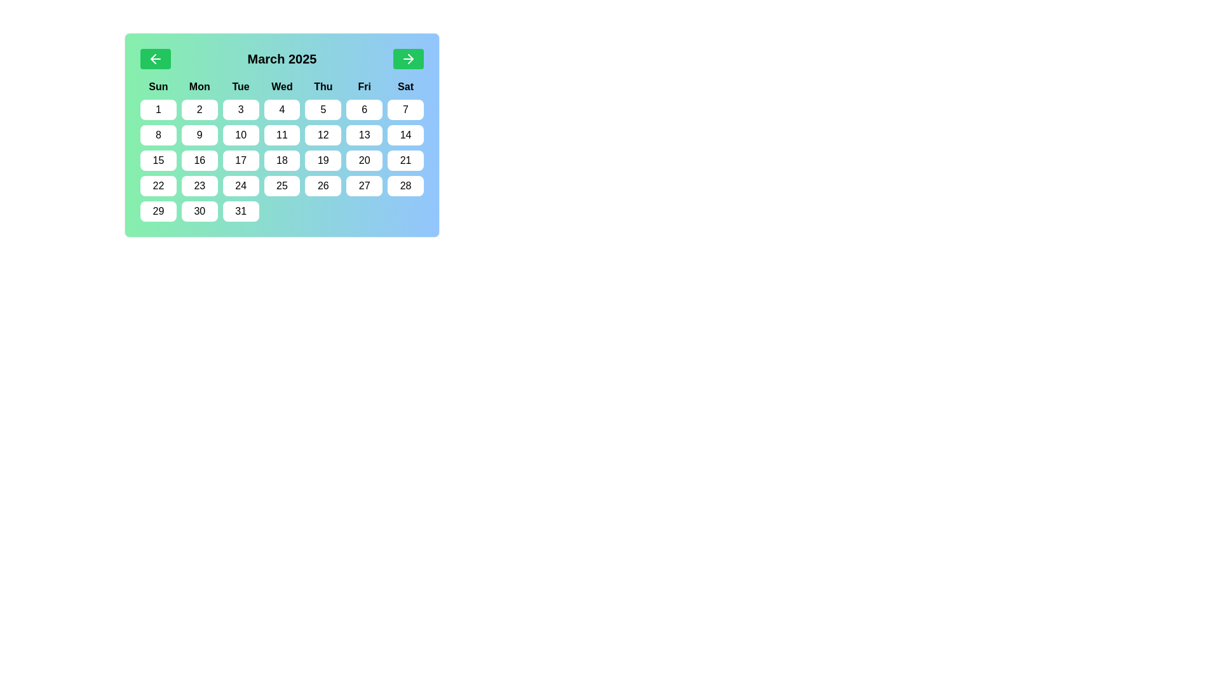 The height and width of the screenshot is (686, 1220). Describe the element at coordinates (405, 186) in the screenshot. I see `the date button representing '28' in the March 2025 calendar` at that location.